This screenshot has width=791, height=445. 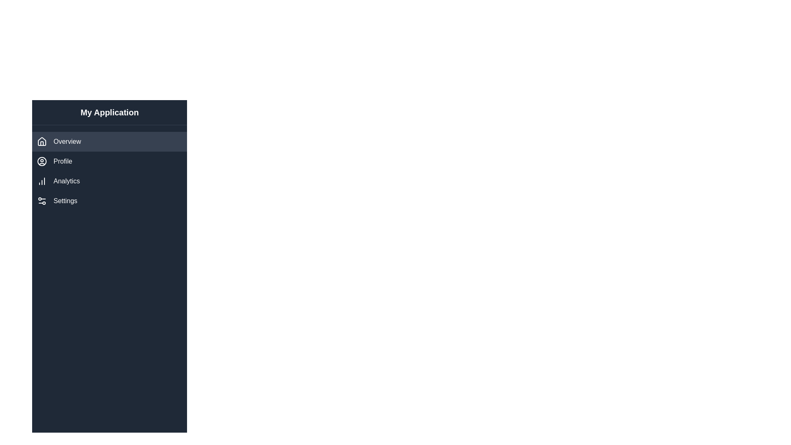 What do you see at coordinates (109, 112) in the screenshot?
I see `the branding text label at the top of the sidebar, which indicates the application name` at bounding box center [109, 112].